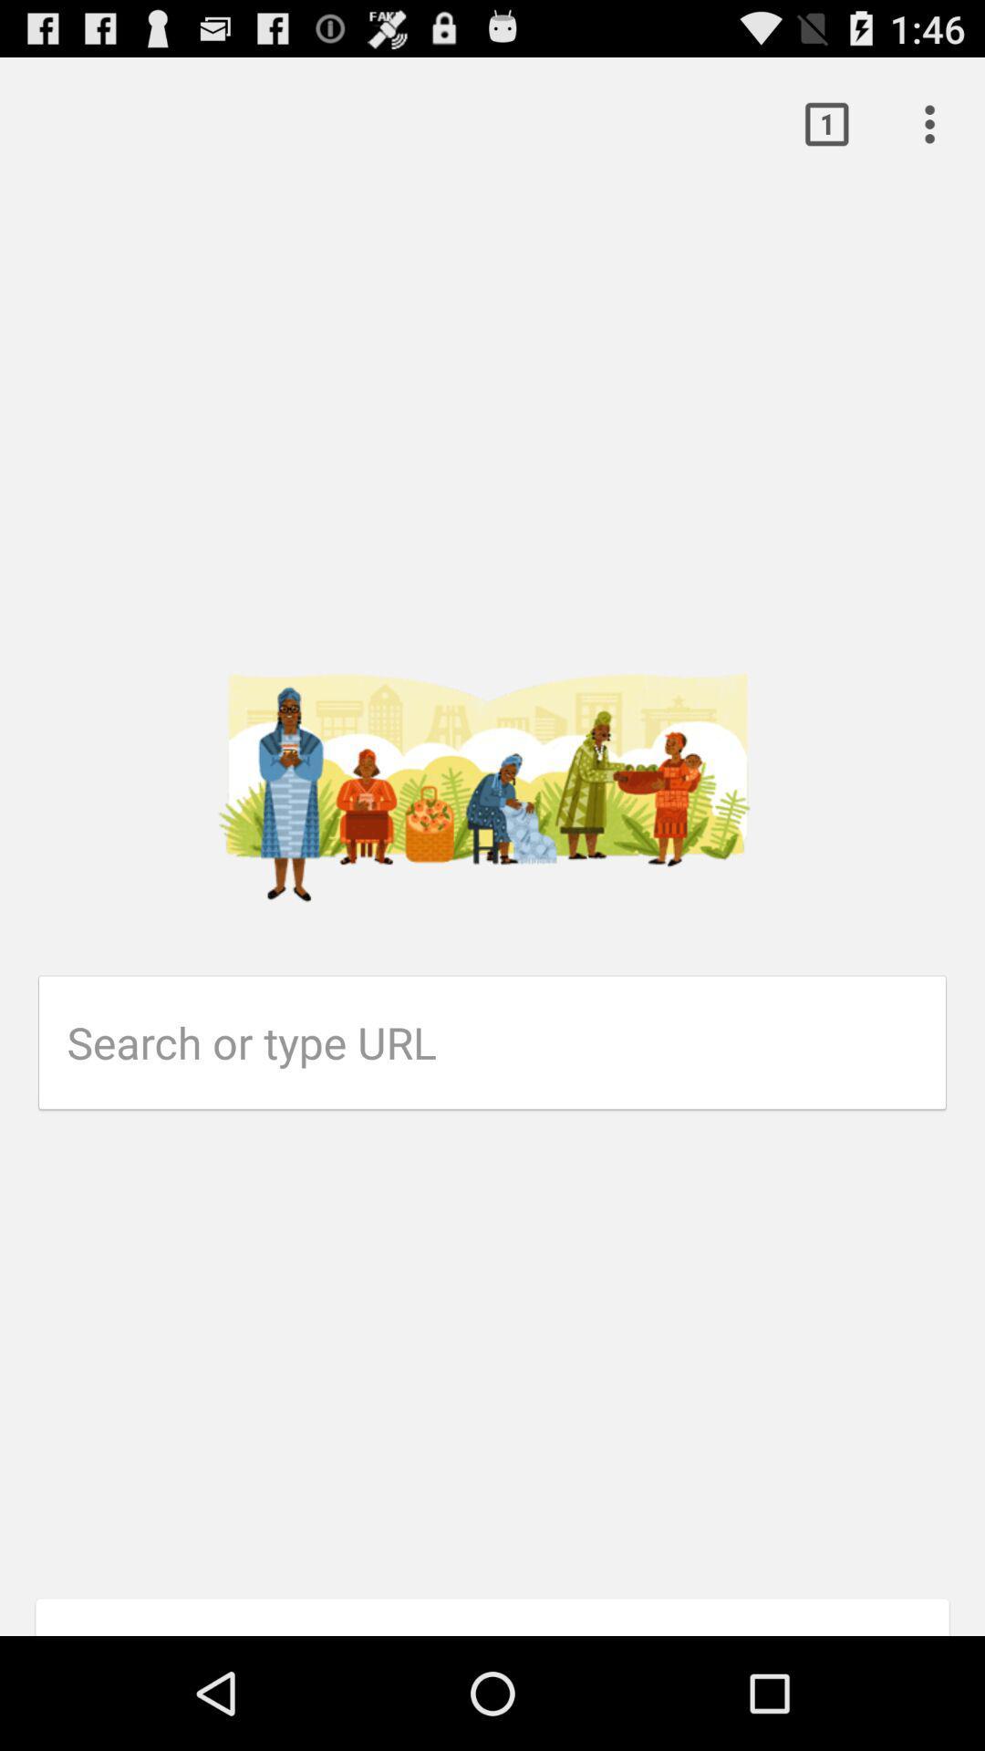  What do you see at coordinates (506, 1042) in the screenshot?
I see `a url` at bounding box center [506, 1042].